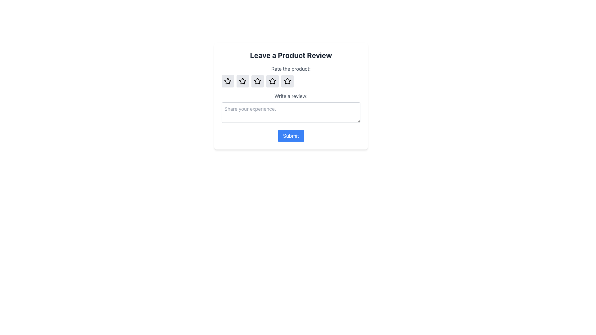 Image resolution: width=596 pixels, height=335 pixels. What do you see at coordinates (291, 96) in the screenshot?
I see `the text element that reads 'Write a review:', which is styled in gray and located above the text input field in the form component` at bounding box center [291, 96].